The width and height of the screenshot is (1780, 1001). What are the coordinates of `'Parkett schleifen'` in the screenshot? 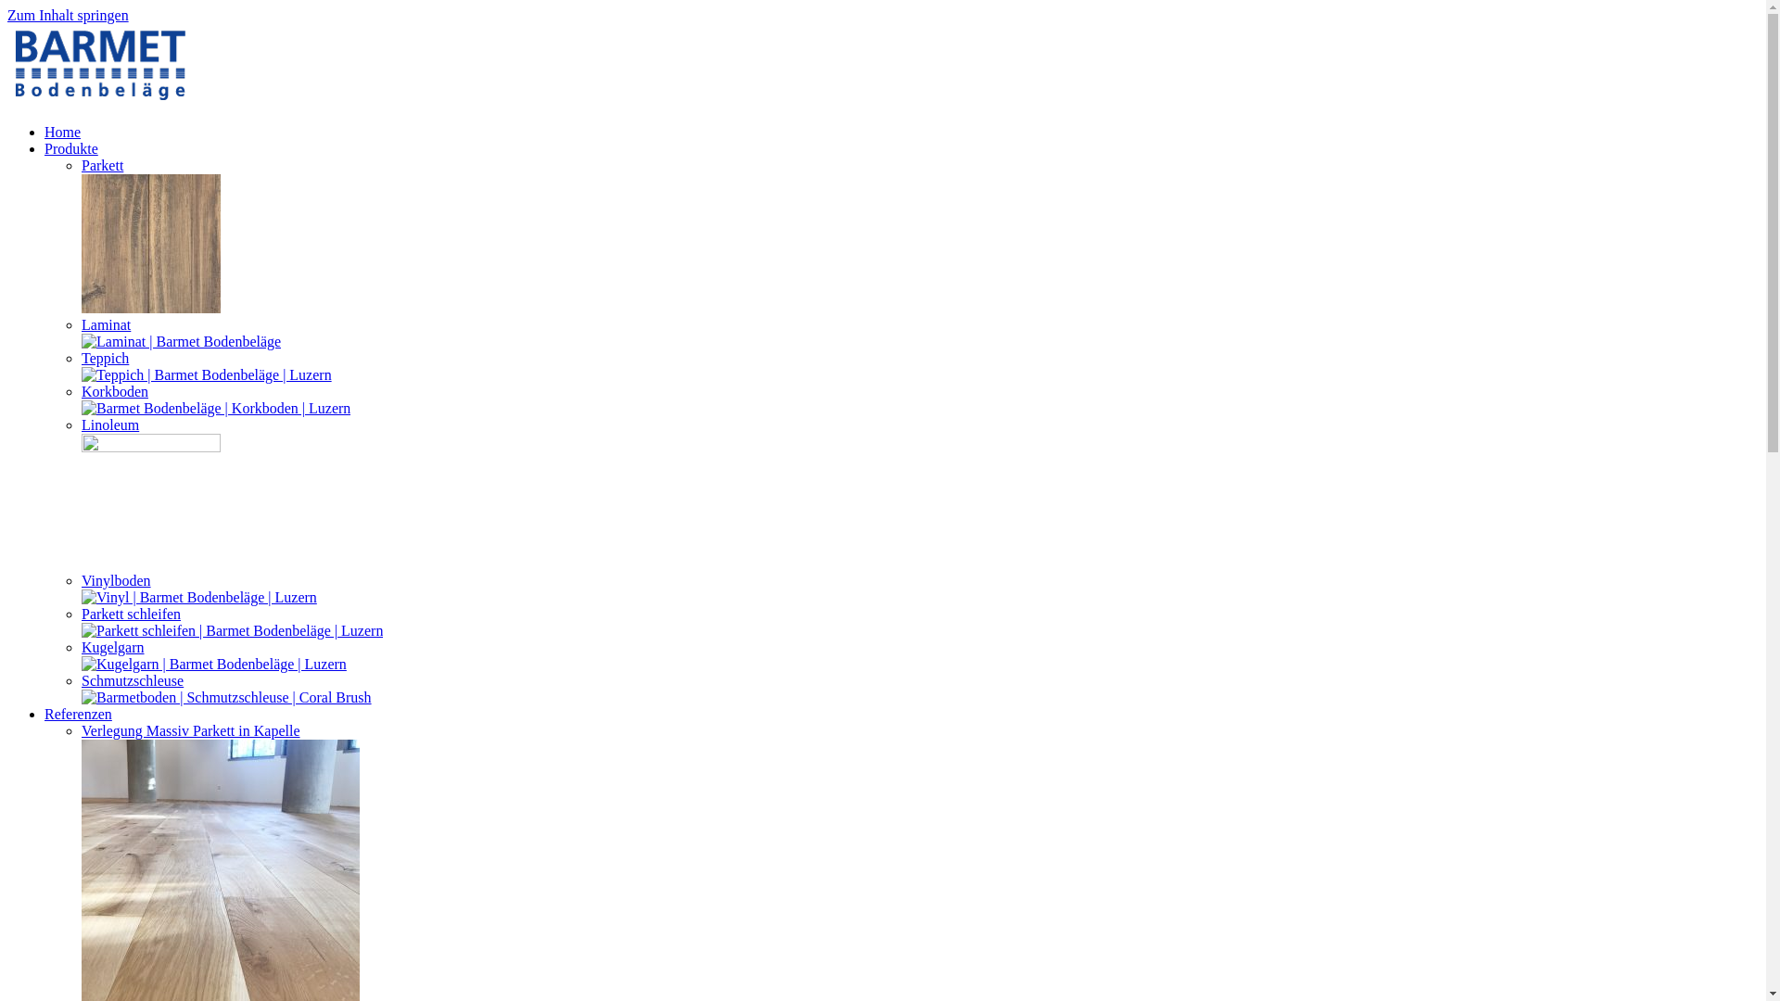 It's located at (130, 614).